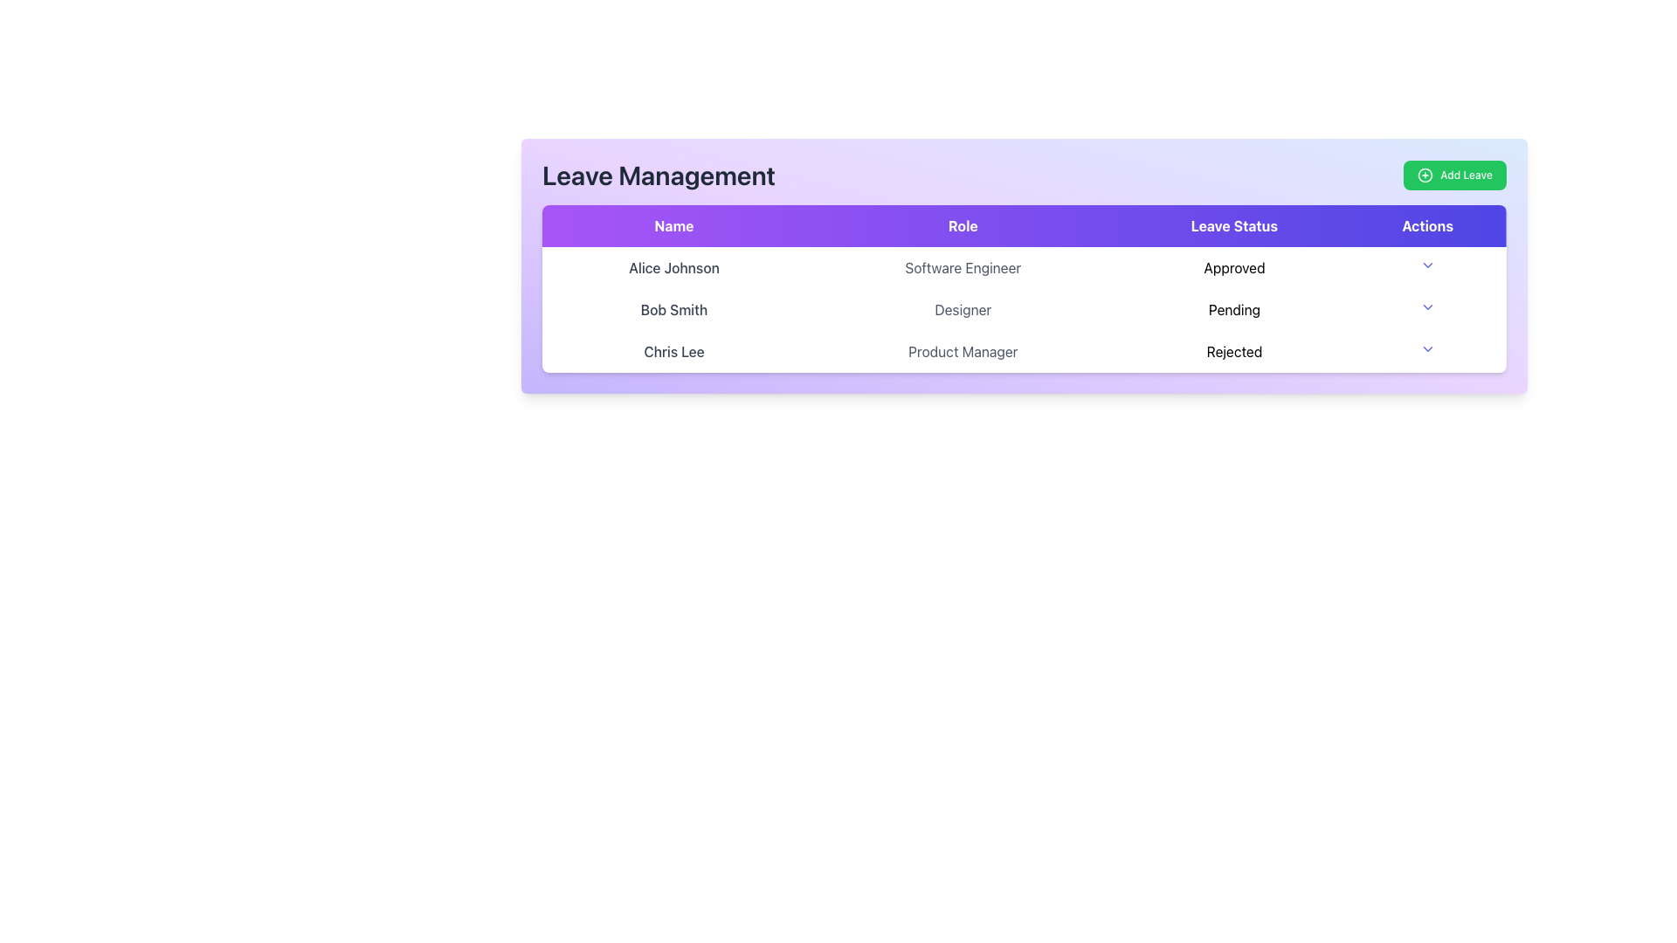 The height and width of the screenshot is (943, 1677). What do you see at coordinates (962, 268) in the screenshot?
I see `the text label displaying 'Software Engineer' located in the Role column of the table corresponding to 'Alice Johnson'` at bounding box center [962, 268].